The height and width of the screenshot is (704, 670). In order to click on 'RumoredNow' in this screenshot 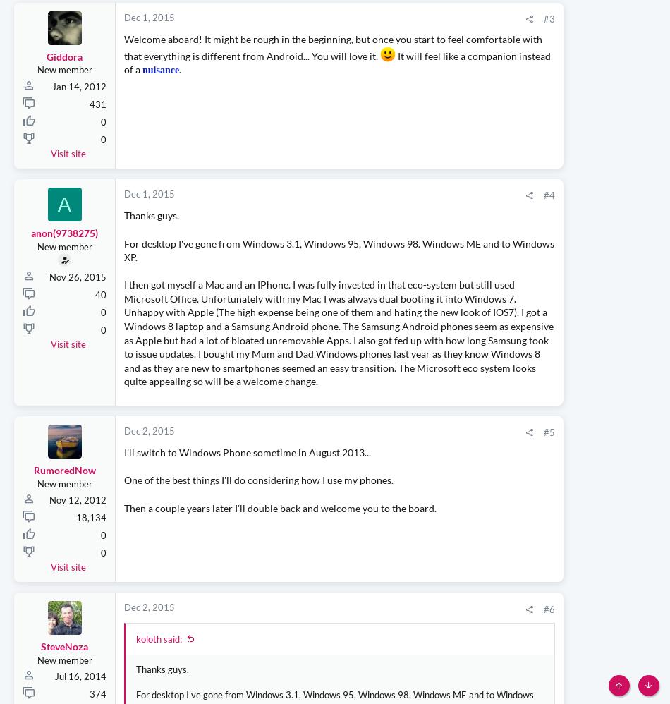, I will do `click(64, 566)`.